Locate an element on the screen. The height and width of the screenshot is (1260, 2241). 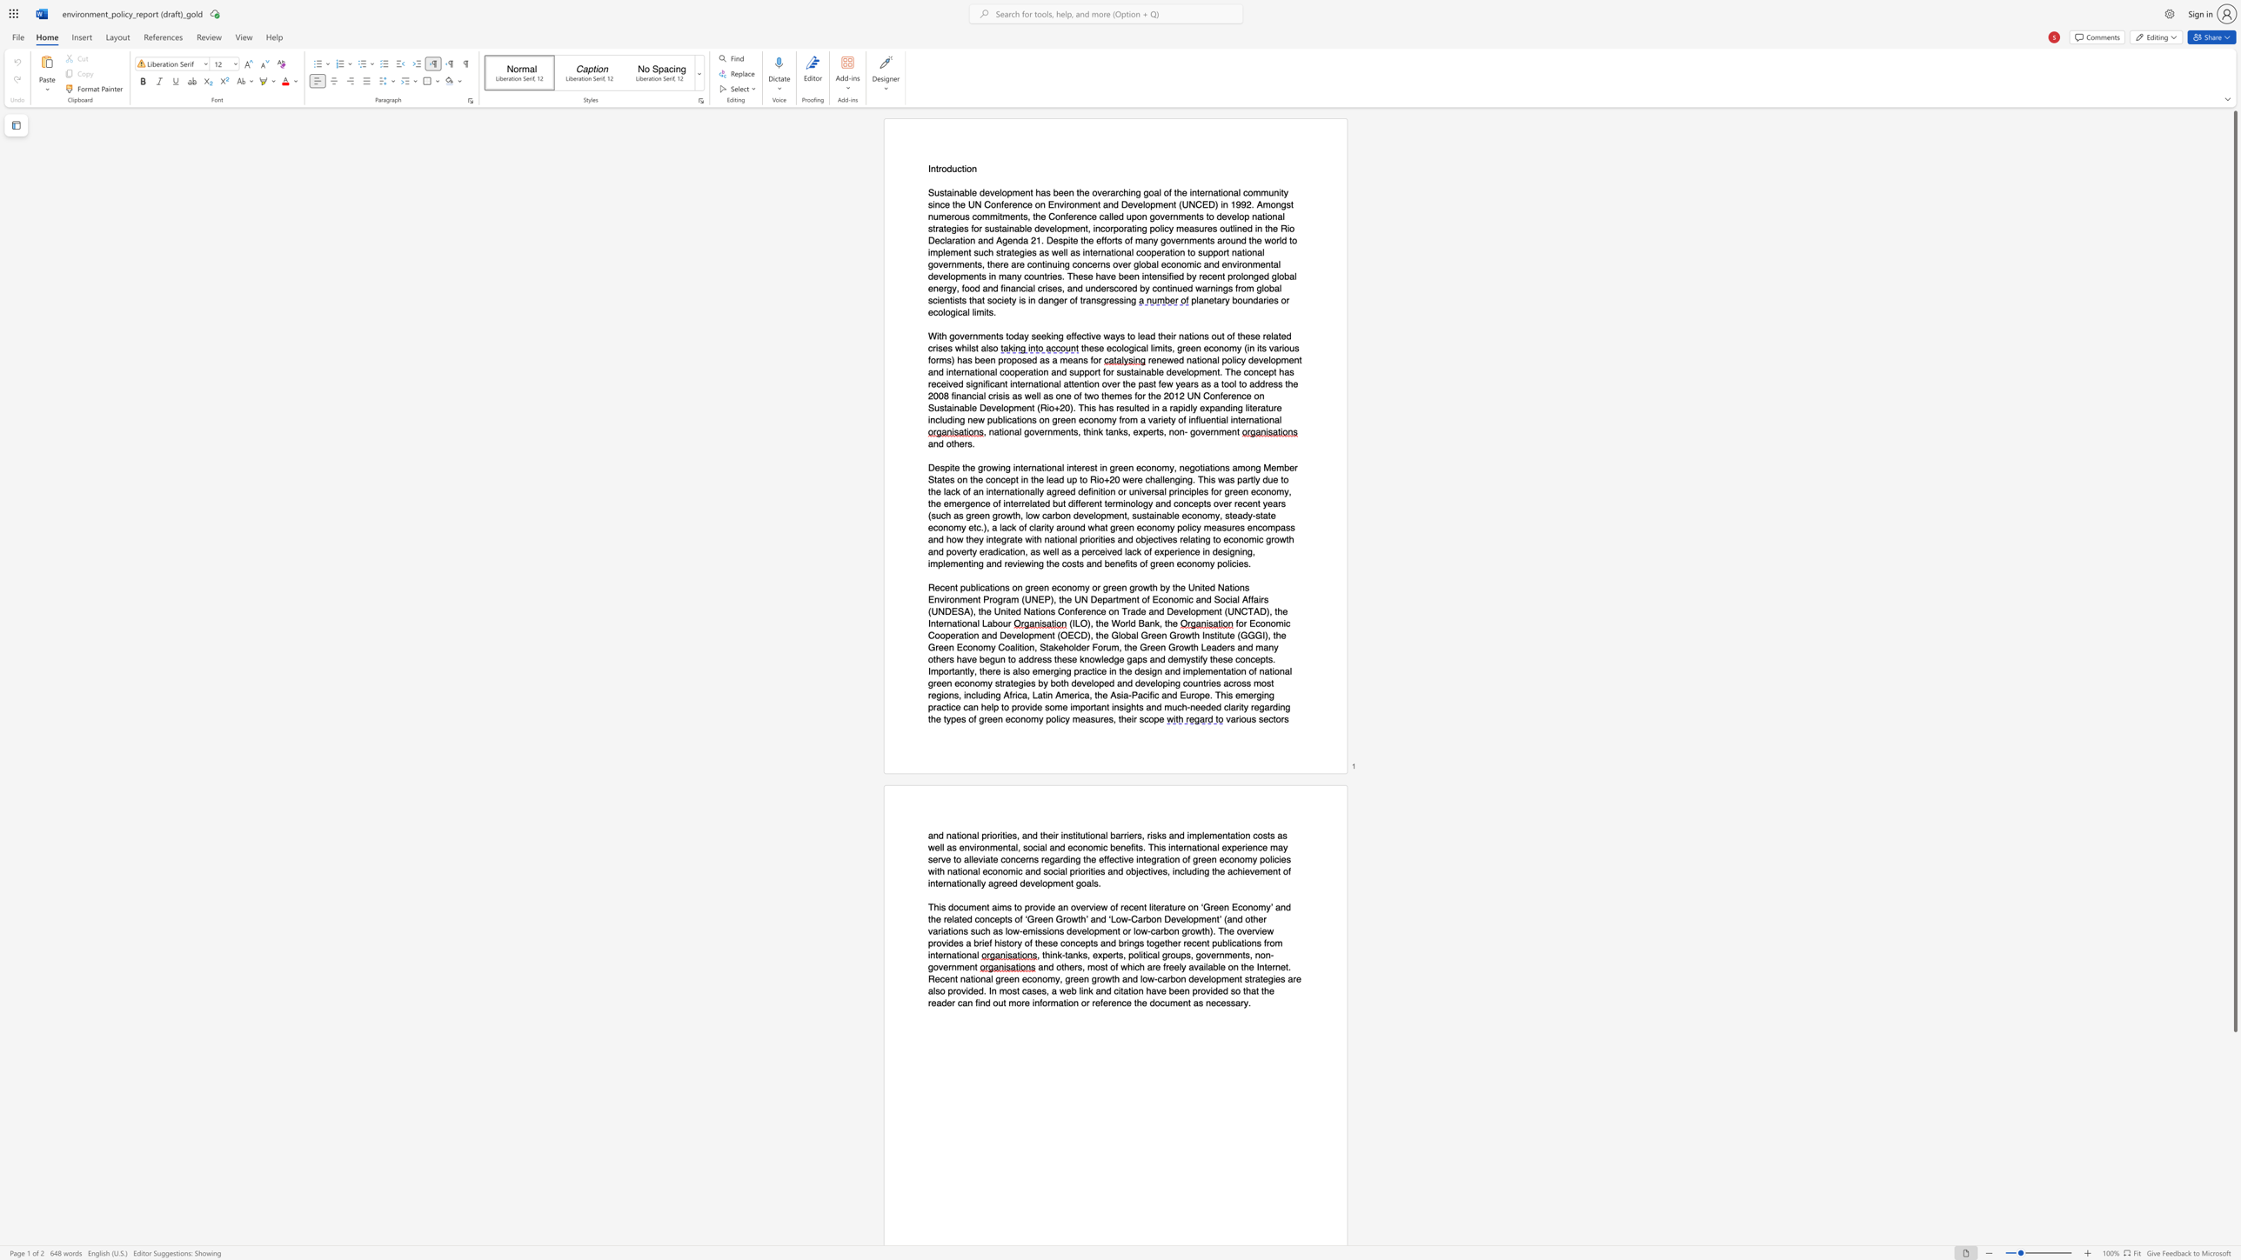
the scrollbar on the right is located at coordinates (2234, 1078).